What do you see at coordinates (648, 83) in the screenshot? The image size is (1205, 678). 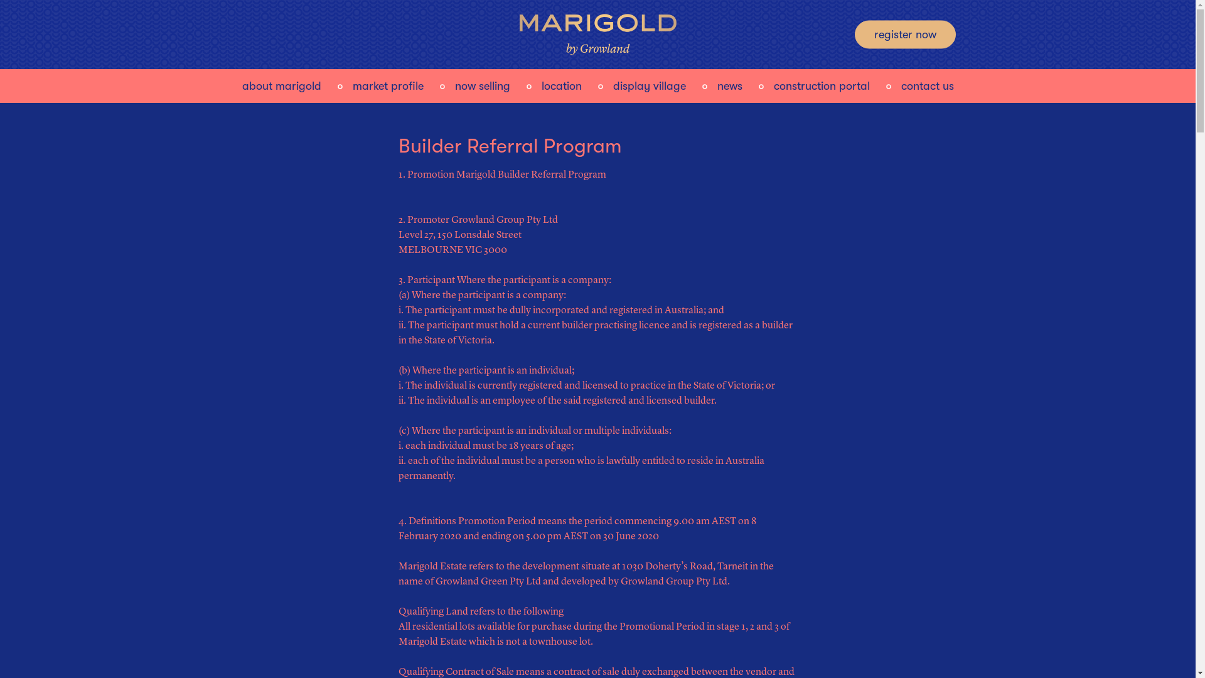 I see `'display village'` at bounding box center [648, 83].